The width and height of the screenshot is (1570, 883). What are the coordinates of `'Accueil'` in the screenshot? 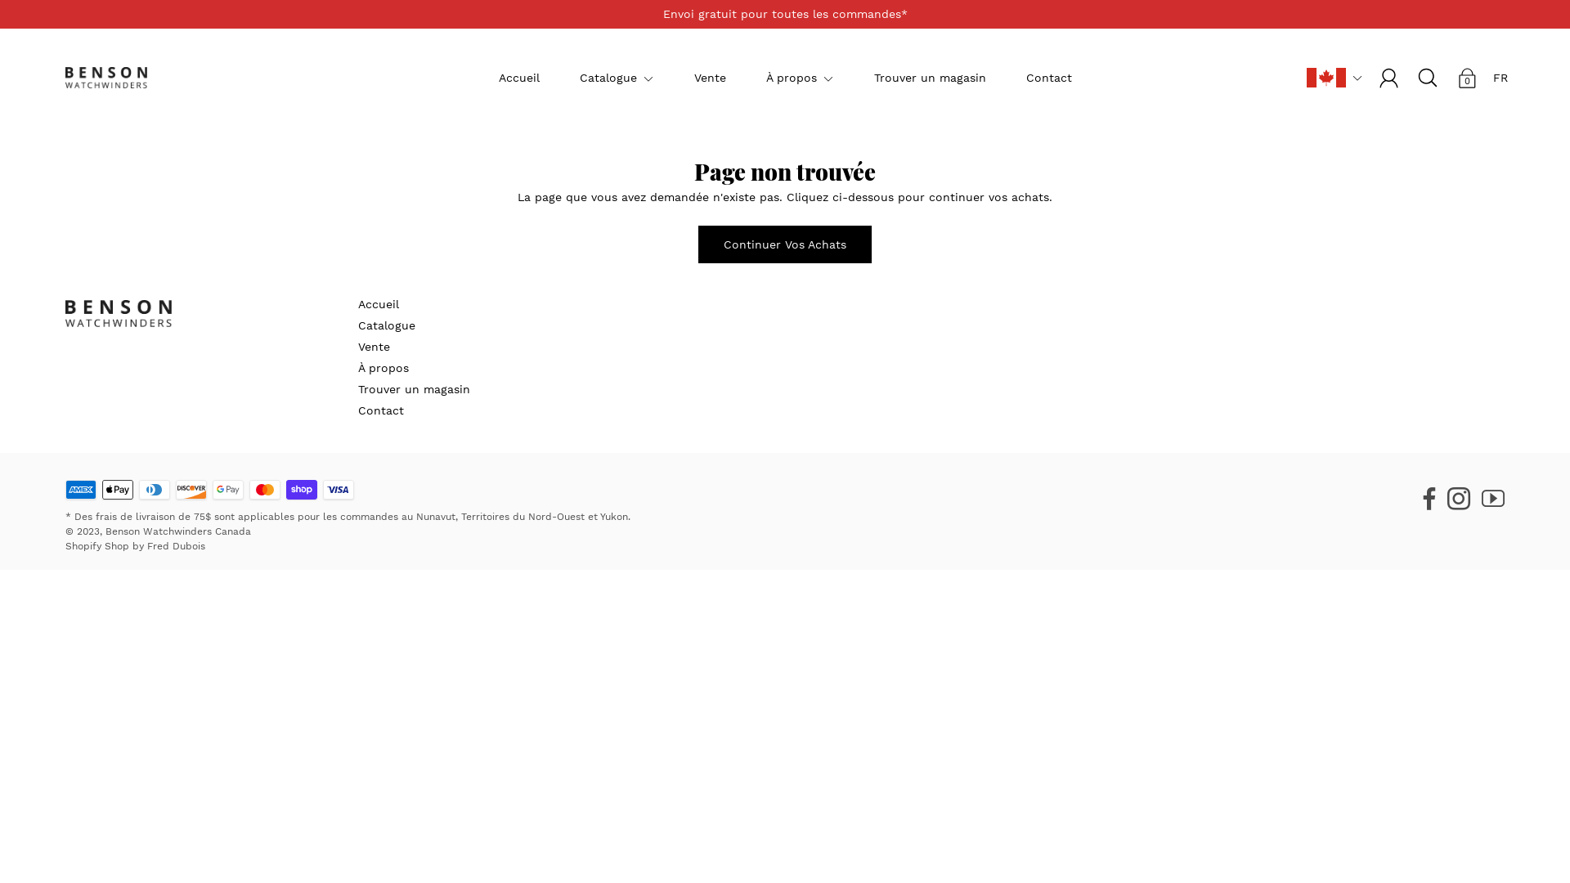 It's located at (497, 77).